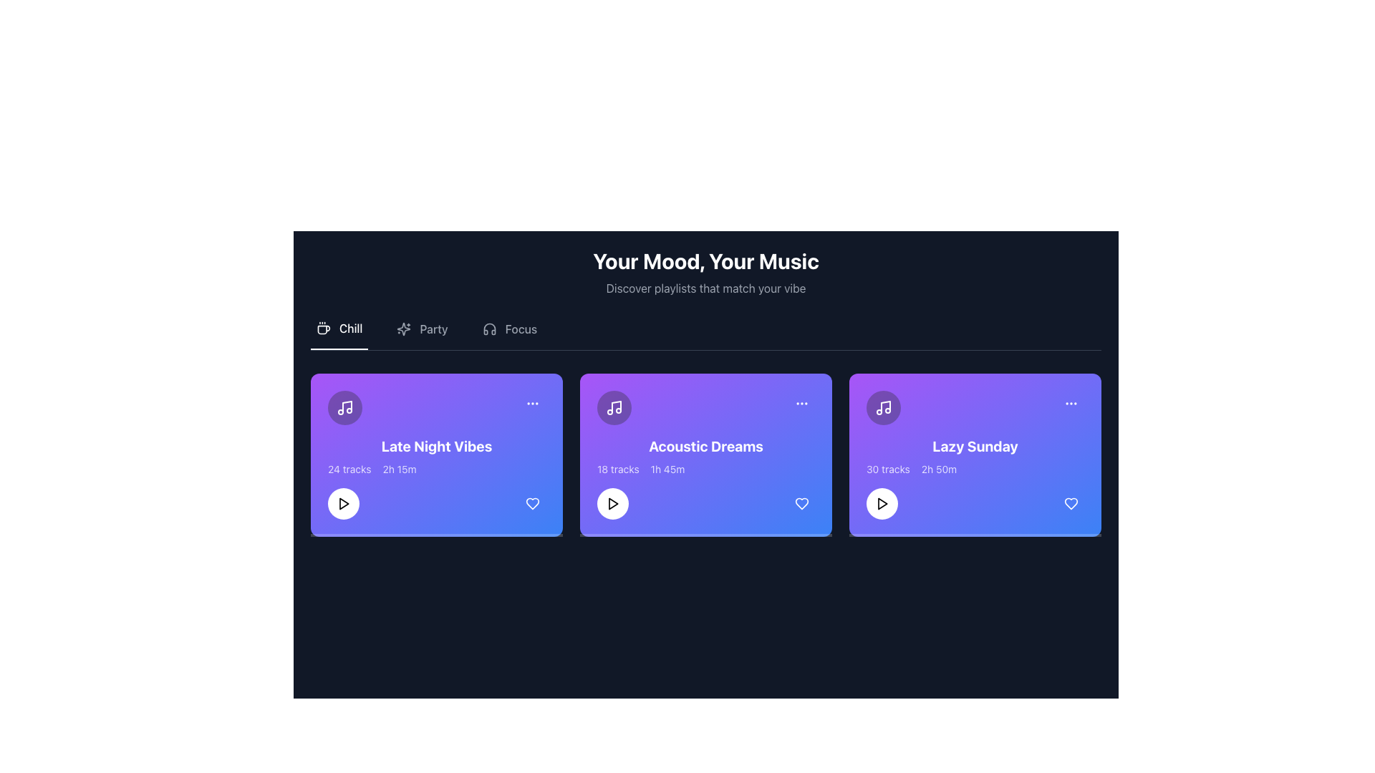 The image size is (1375, 773). I want to click on the triangular play button icon for the 'Acoustic Dreams' playlist, which is centrally positioned within the second card of a three-card row, so click(613, 503).